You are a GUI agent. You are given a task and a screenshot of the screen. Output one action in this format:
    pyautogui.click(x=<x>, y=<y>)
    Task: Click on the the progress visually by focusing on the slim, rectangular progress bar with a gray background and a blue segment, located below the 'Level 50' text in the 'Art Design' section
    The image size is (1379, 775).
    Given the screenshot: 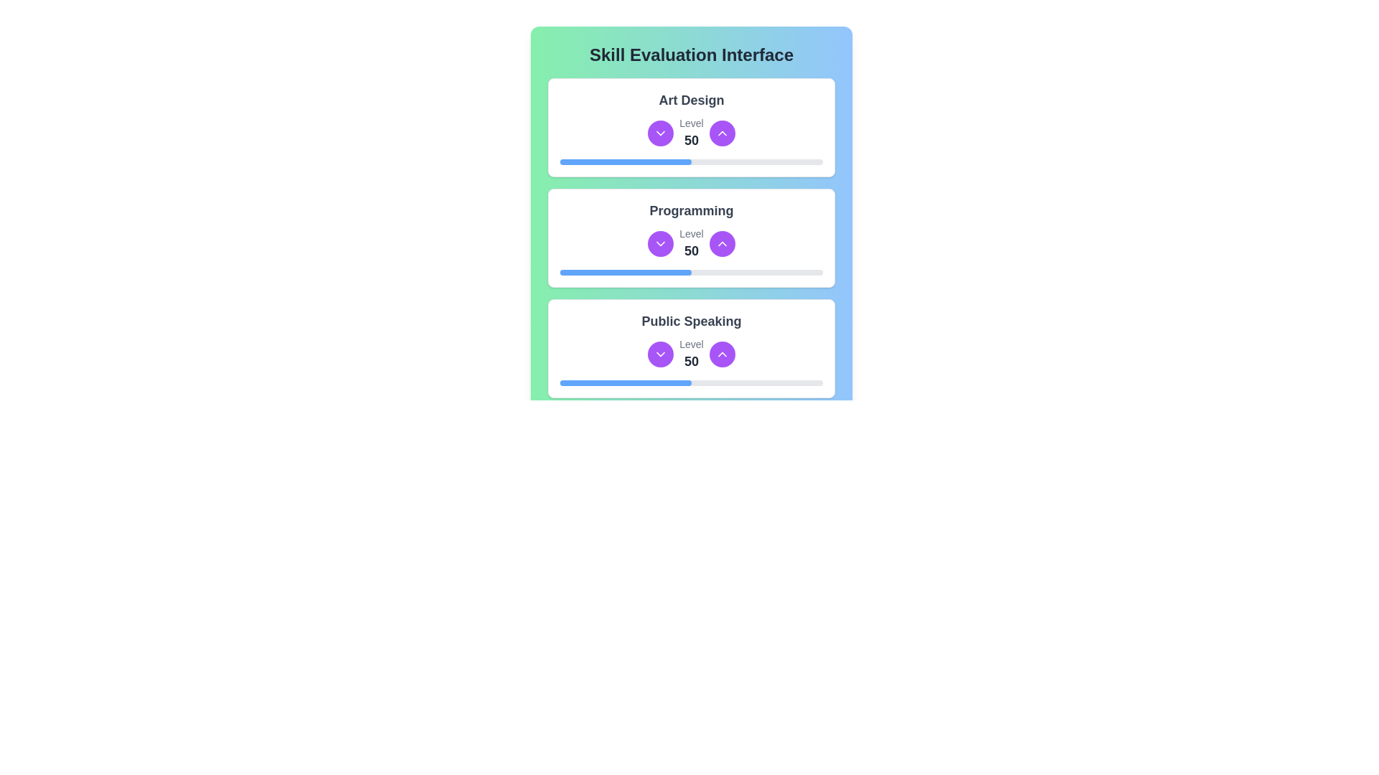 What is the action you would take?
    pyautogui.click(x=692, y=161)
    